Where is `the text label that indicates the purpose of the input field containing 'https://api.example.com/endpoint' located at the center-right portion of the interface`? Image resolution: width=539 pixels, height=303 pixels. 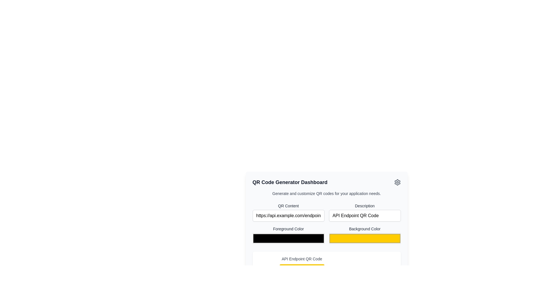
the text label that indicates the purpose of the input field containing 'https://api.example.com/endpoint' located at the center-right portion of the interface is located at coordinates (288, 206).